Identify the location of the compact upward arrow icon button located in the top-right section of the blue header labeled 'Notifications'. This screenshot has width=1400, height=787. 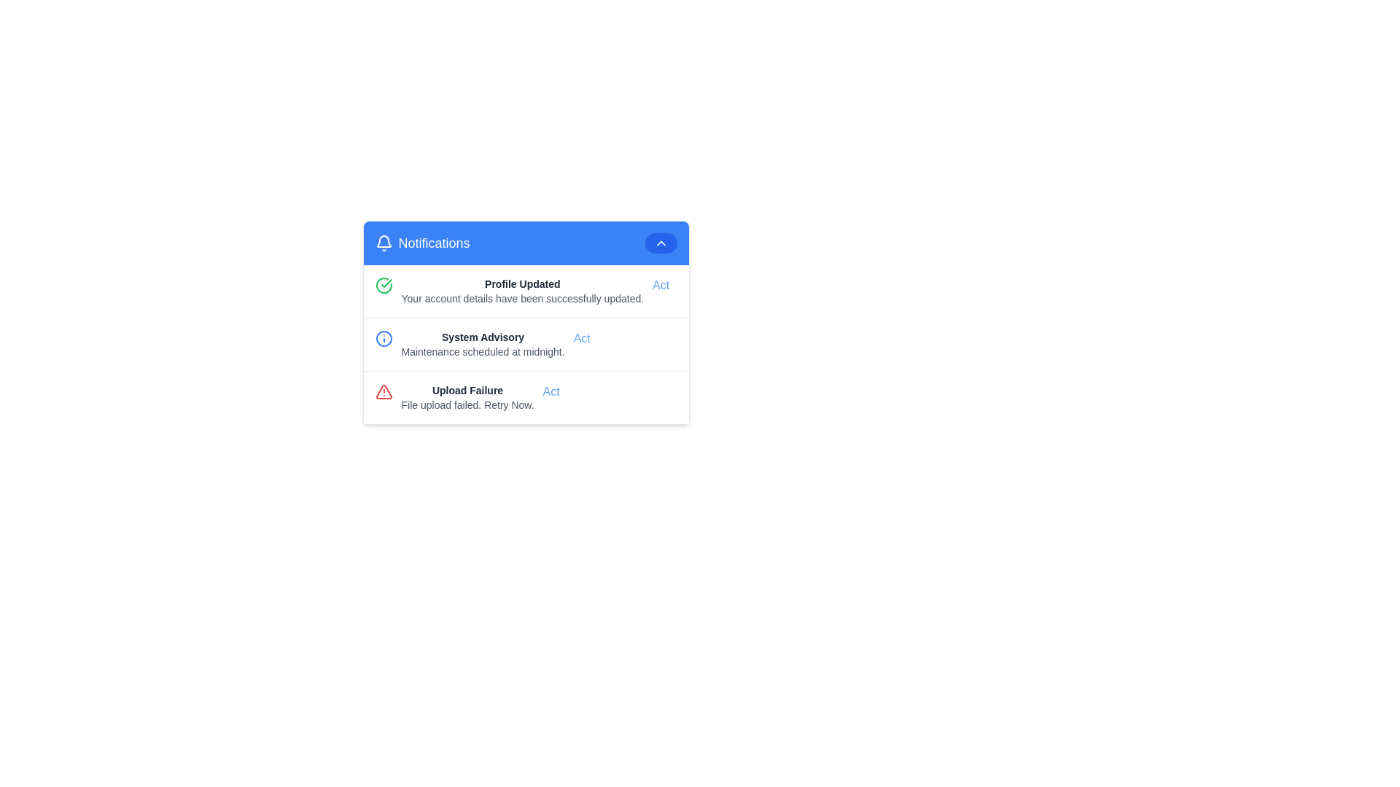
(660, 243).